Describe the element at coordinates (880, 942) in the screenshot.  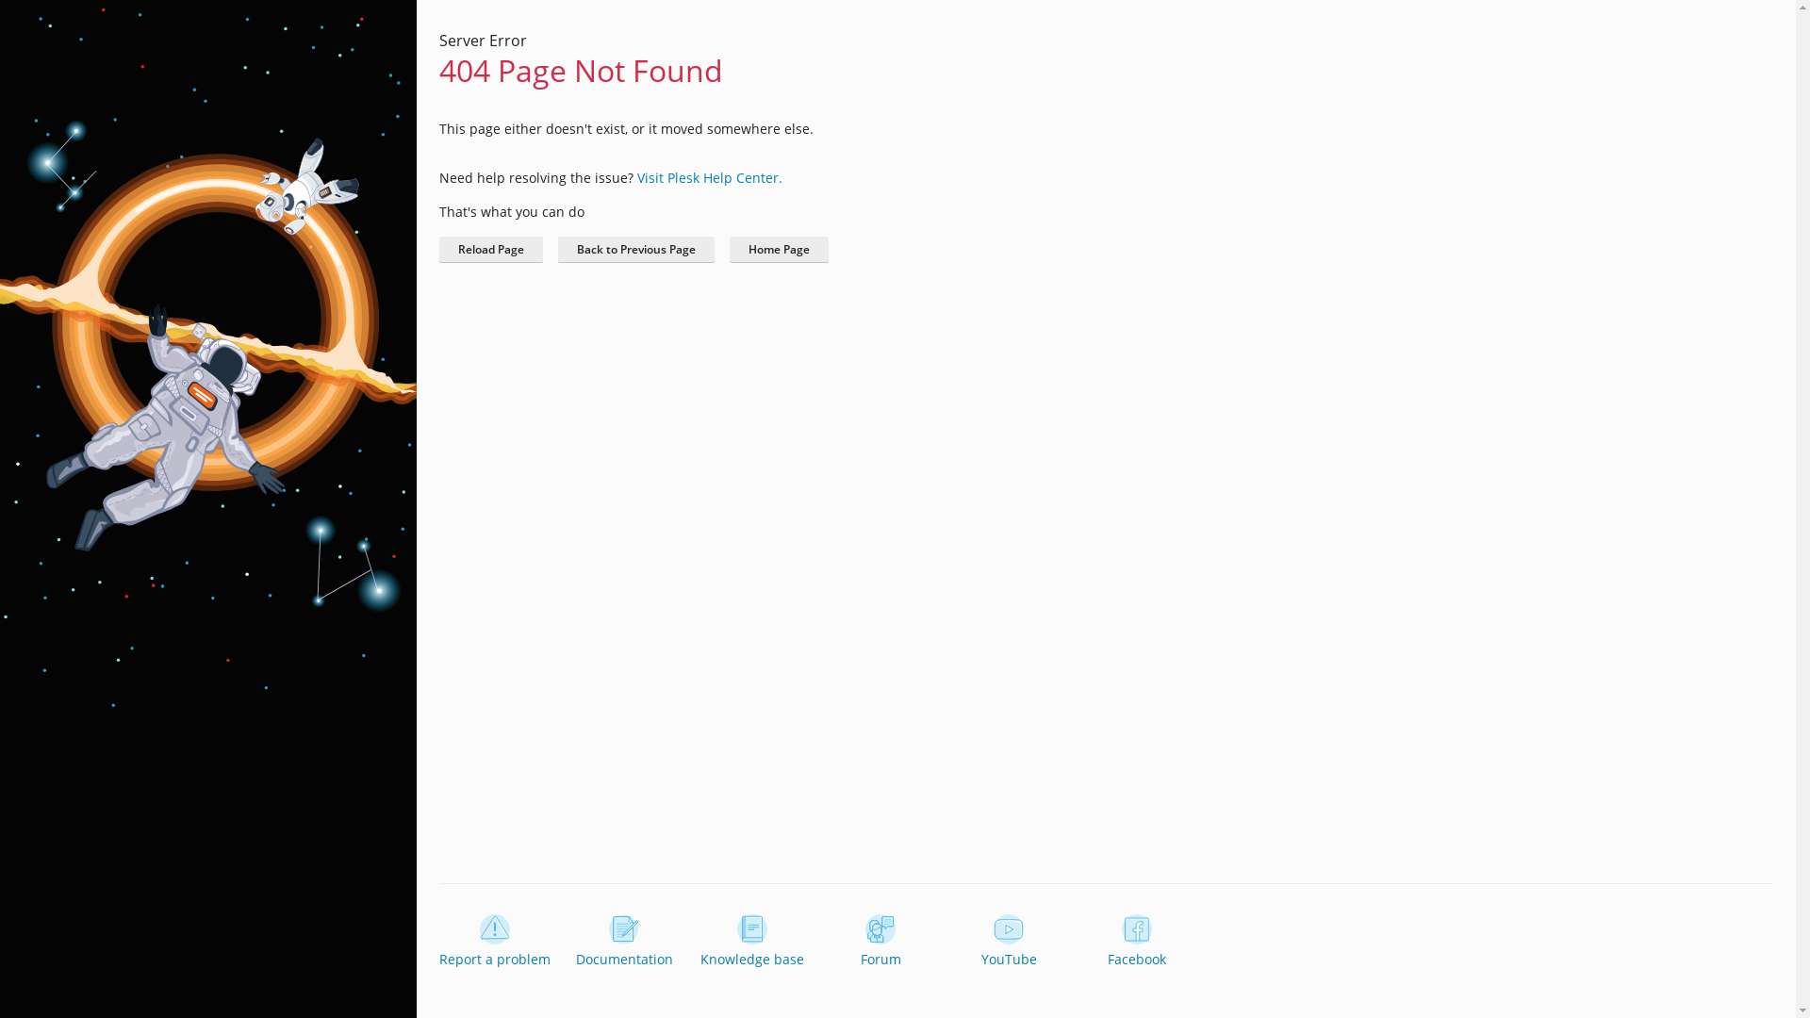
I see `'Forum'` at that location.